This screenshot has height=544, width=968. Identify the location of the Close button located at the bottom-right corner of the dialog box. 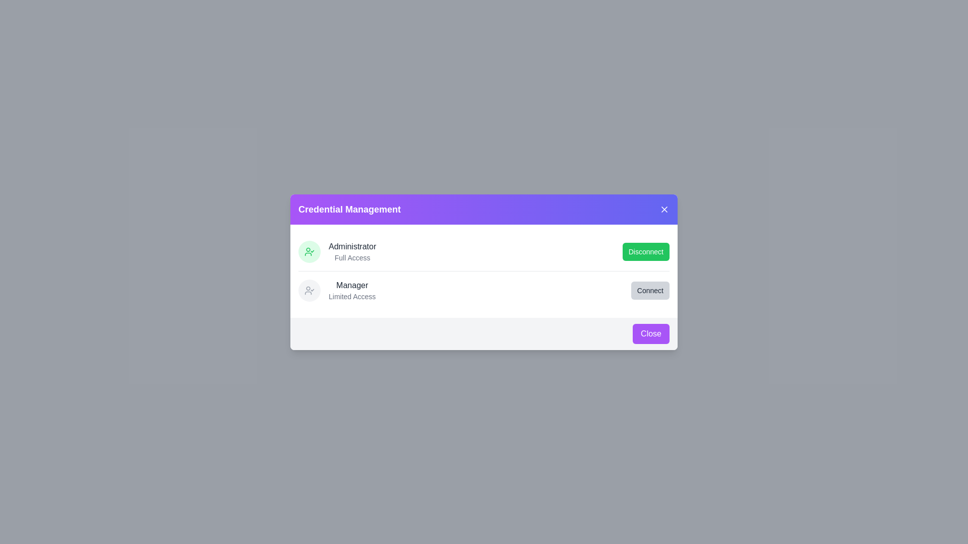
(651, 333).